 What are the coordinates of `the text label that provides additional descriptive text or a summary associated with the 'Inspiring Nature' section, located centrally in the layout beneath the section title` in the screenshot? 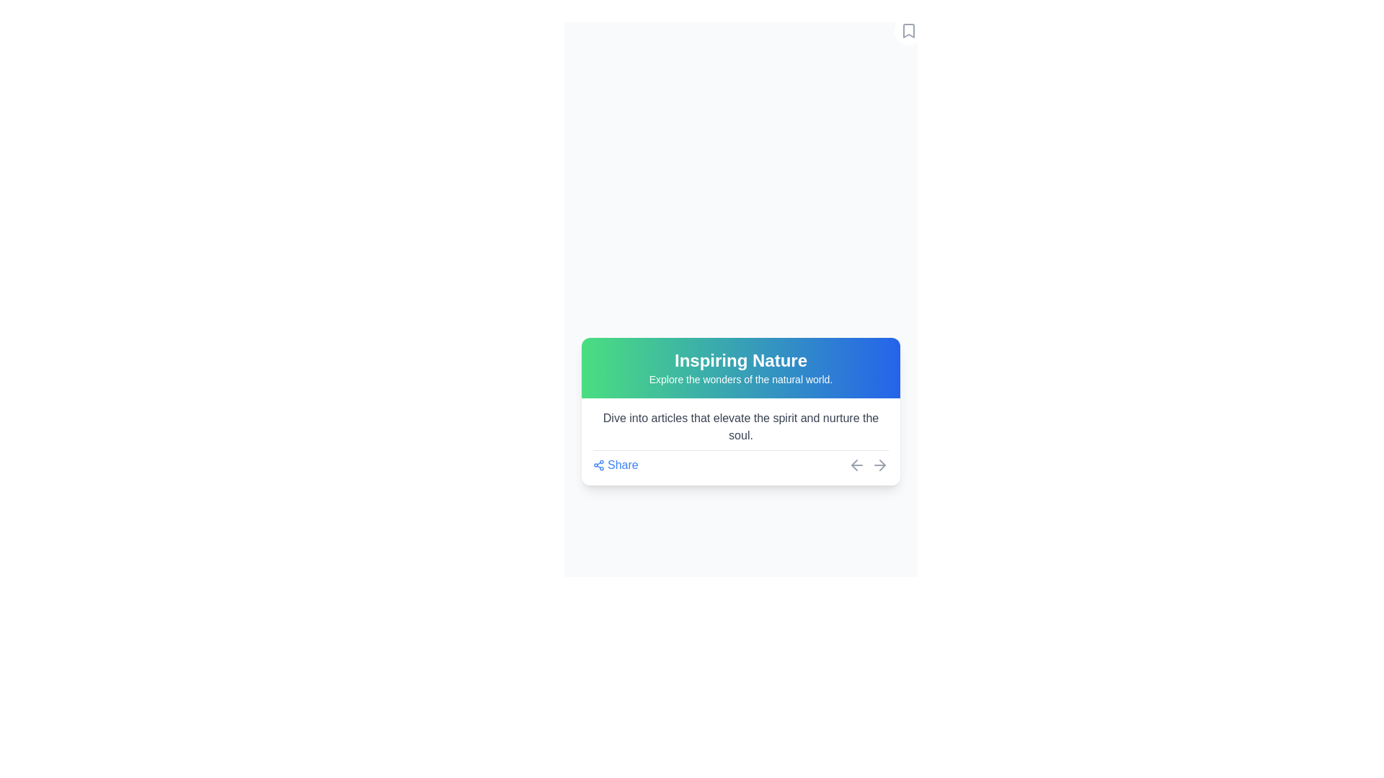 It's located at (740, 426).